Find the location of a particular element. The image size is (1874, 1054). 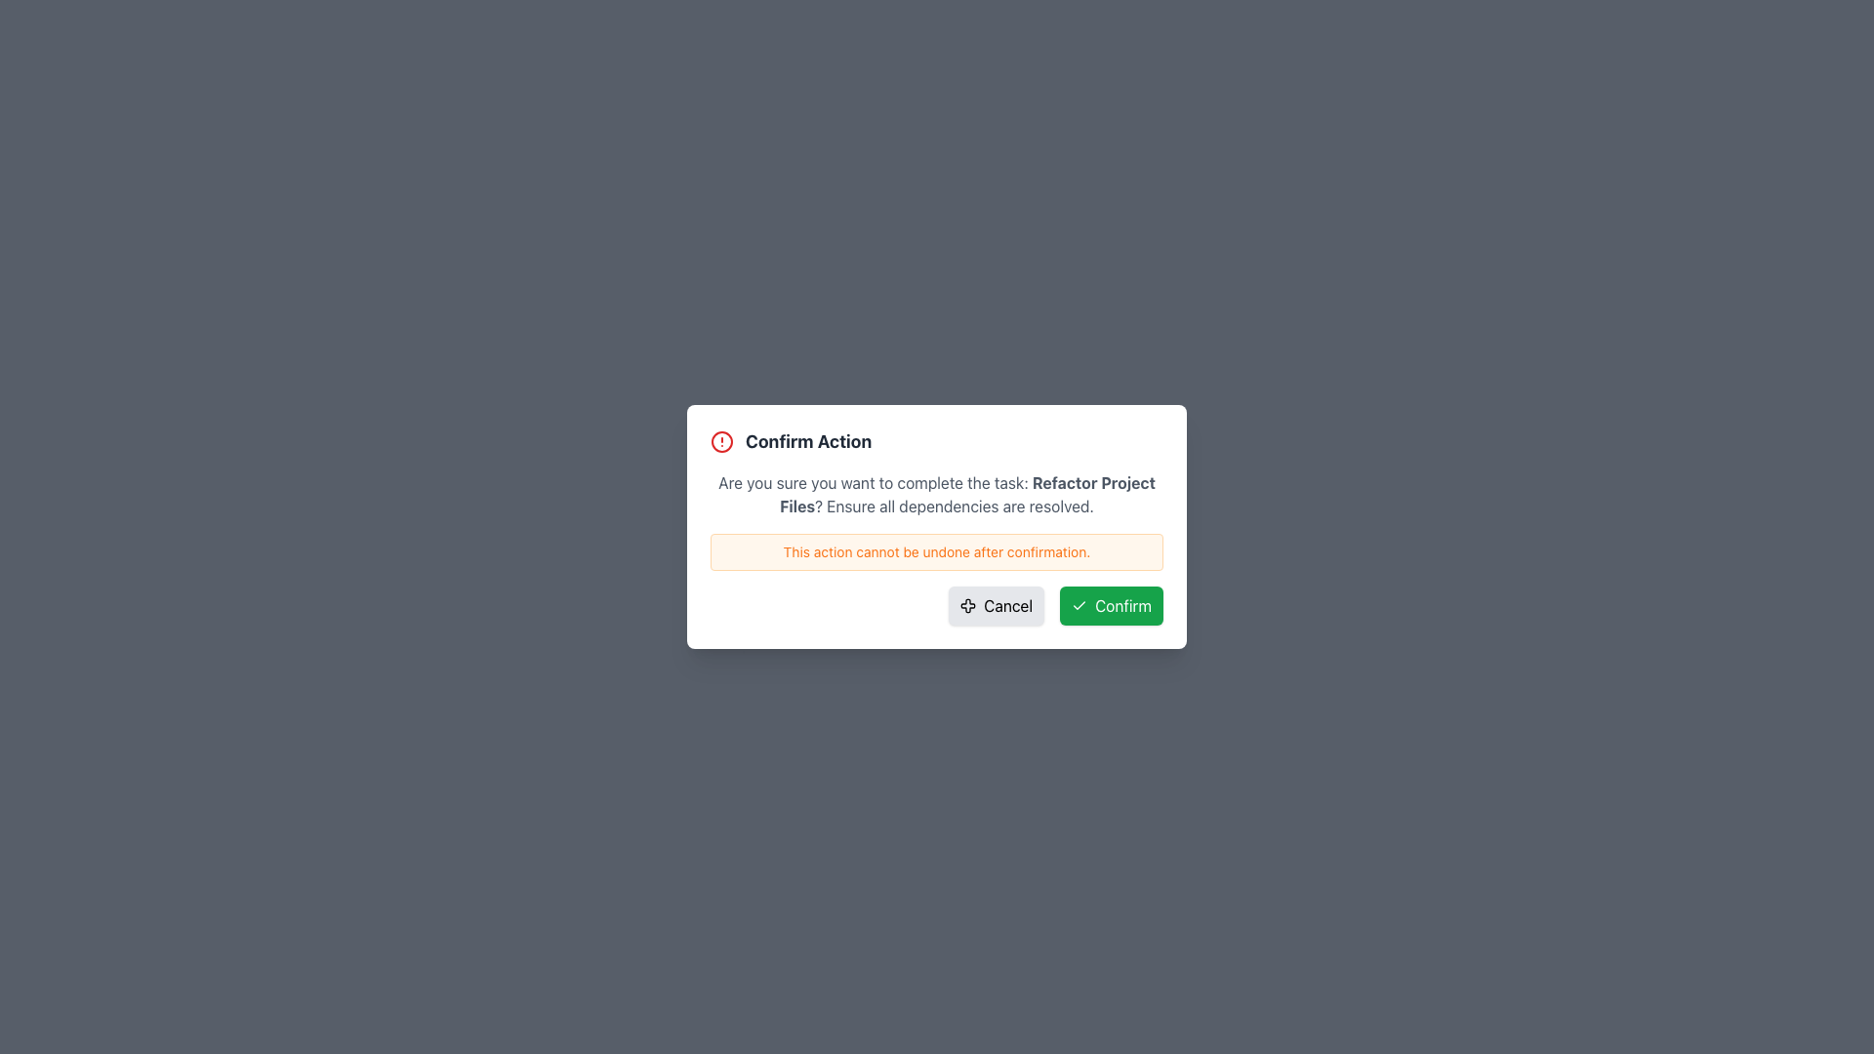

the text message block containing the phrase 'Refactor Project Files' within the 'Confirm Action' dialog box is located at coordinates (937, 493).